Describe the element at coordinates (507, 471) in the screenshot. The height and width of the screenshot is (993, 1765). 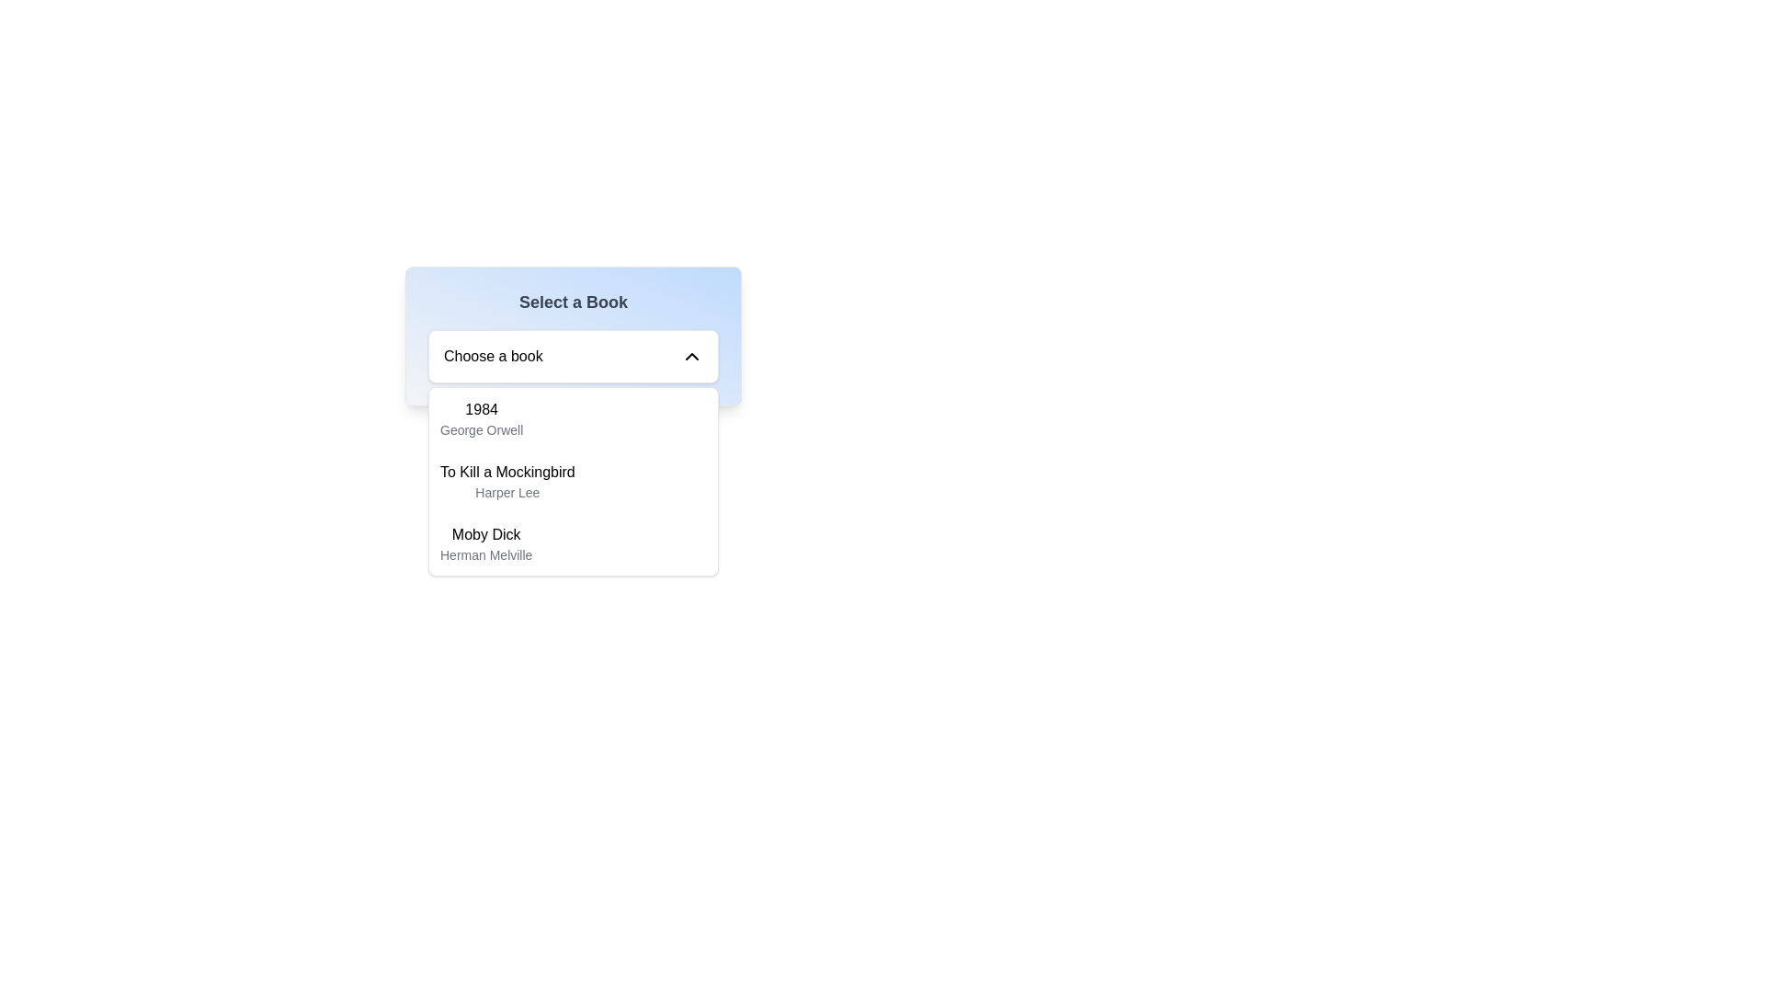
I see `displayed text of the title 'To Kill a Mockingbird' located in the dropdown selection box beneath the 'Choose a Book' label, positioned as the second list item` at that location.